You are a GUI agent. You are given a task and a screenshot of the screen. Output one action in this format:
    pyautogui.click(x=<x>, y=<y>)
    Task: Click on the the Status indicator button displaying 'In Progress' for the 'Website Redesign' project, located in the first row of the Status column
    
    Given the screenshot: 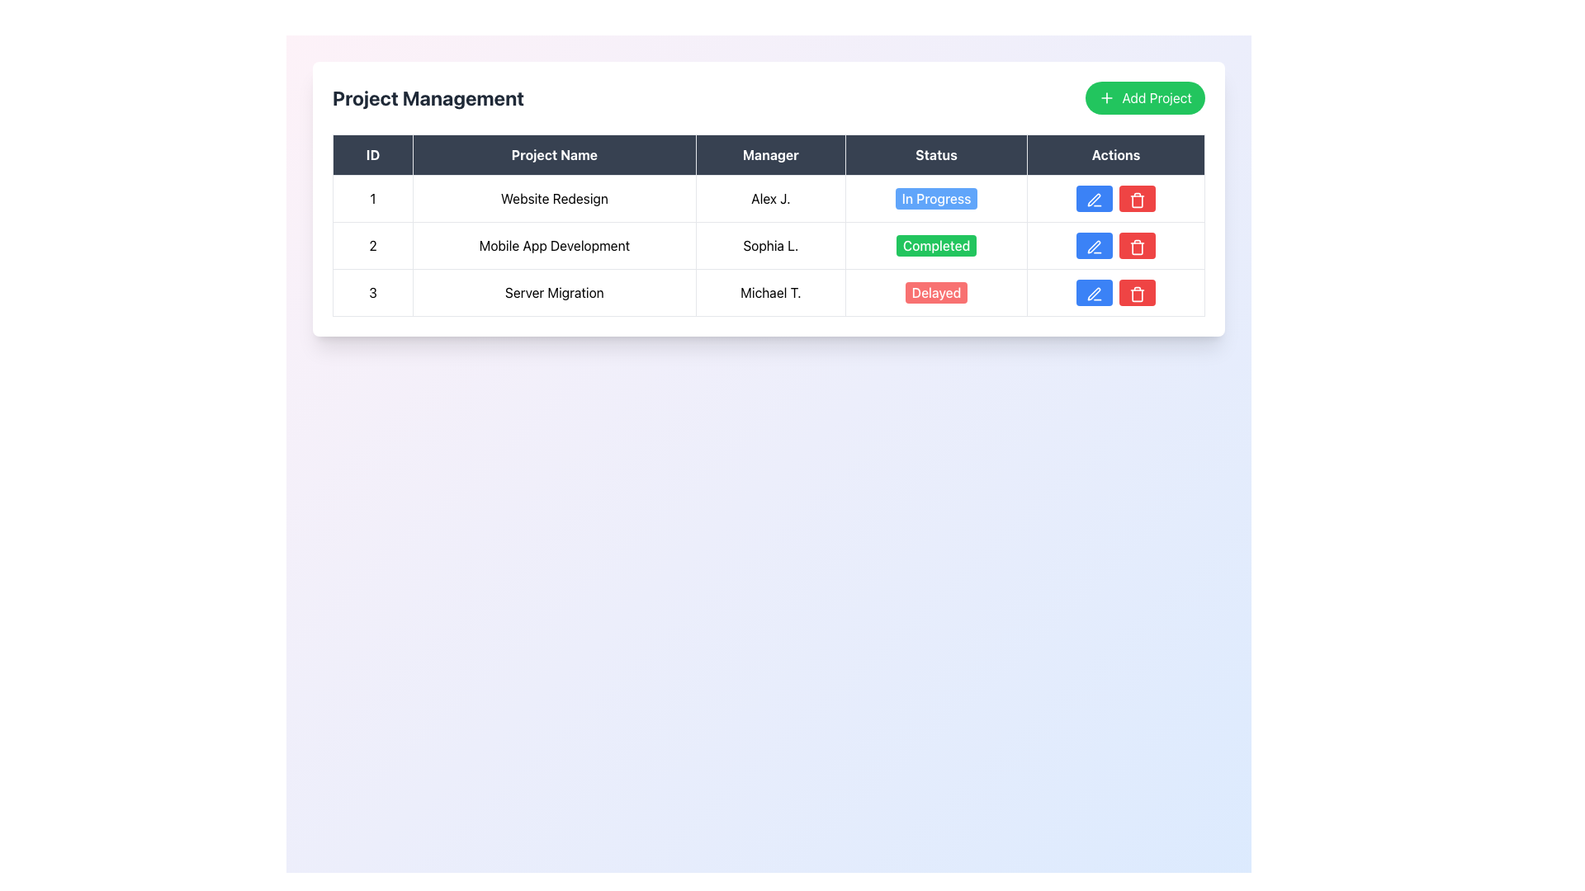 What is the action you would take?
    pyautogui.click(x=936, y=197)
    